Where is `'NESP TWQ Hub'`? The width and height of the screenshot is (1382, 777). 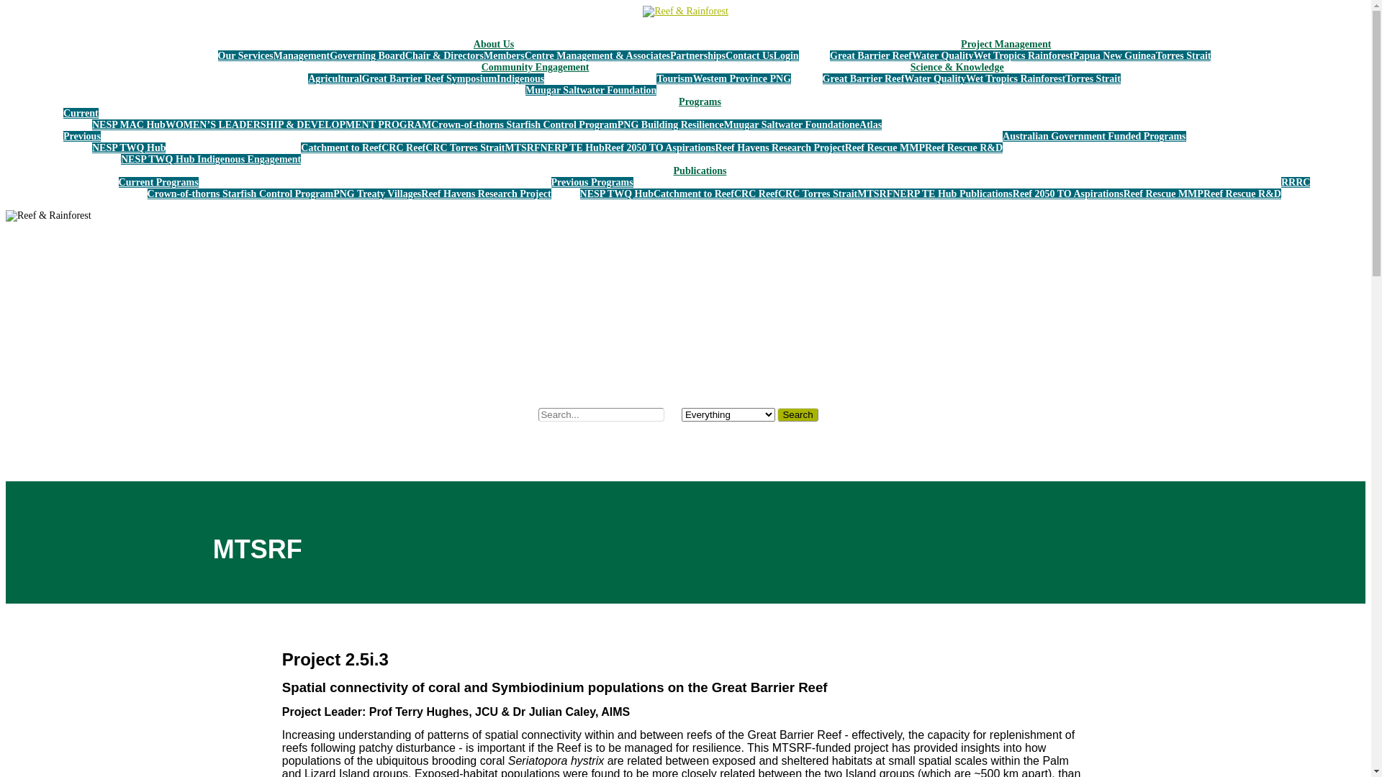
'NESP TWQ Hub' is located at coordinates (128, 147).